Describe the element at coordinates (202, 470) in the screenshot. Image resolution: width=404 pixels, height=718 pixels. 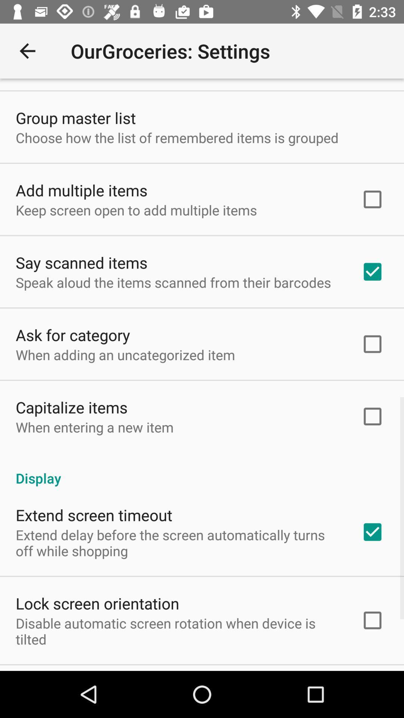
I see `the display` at that location.